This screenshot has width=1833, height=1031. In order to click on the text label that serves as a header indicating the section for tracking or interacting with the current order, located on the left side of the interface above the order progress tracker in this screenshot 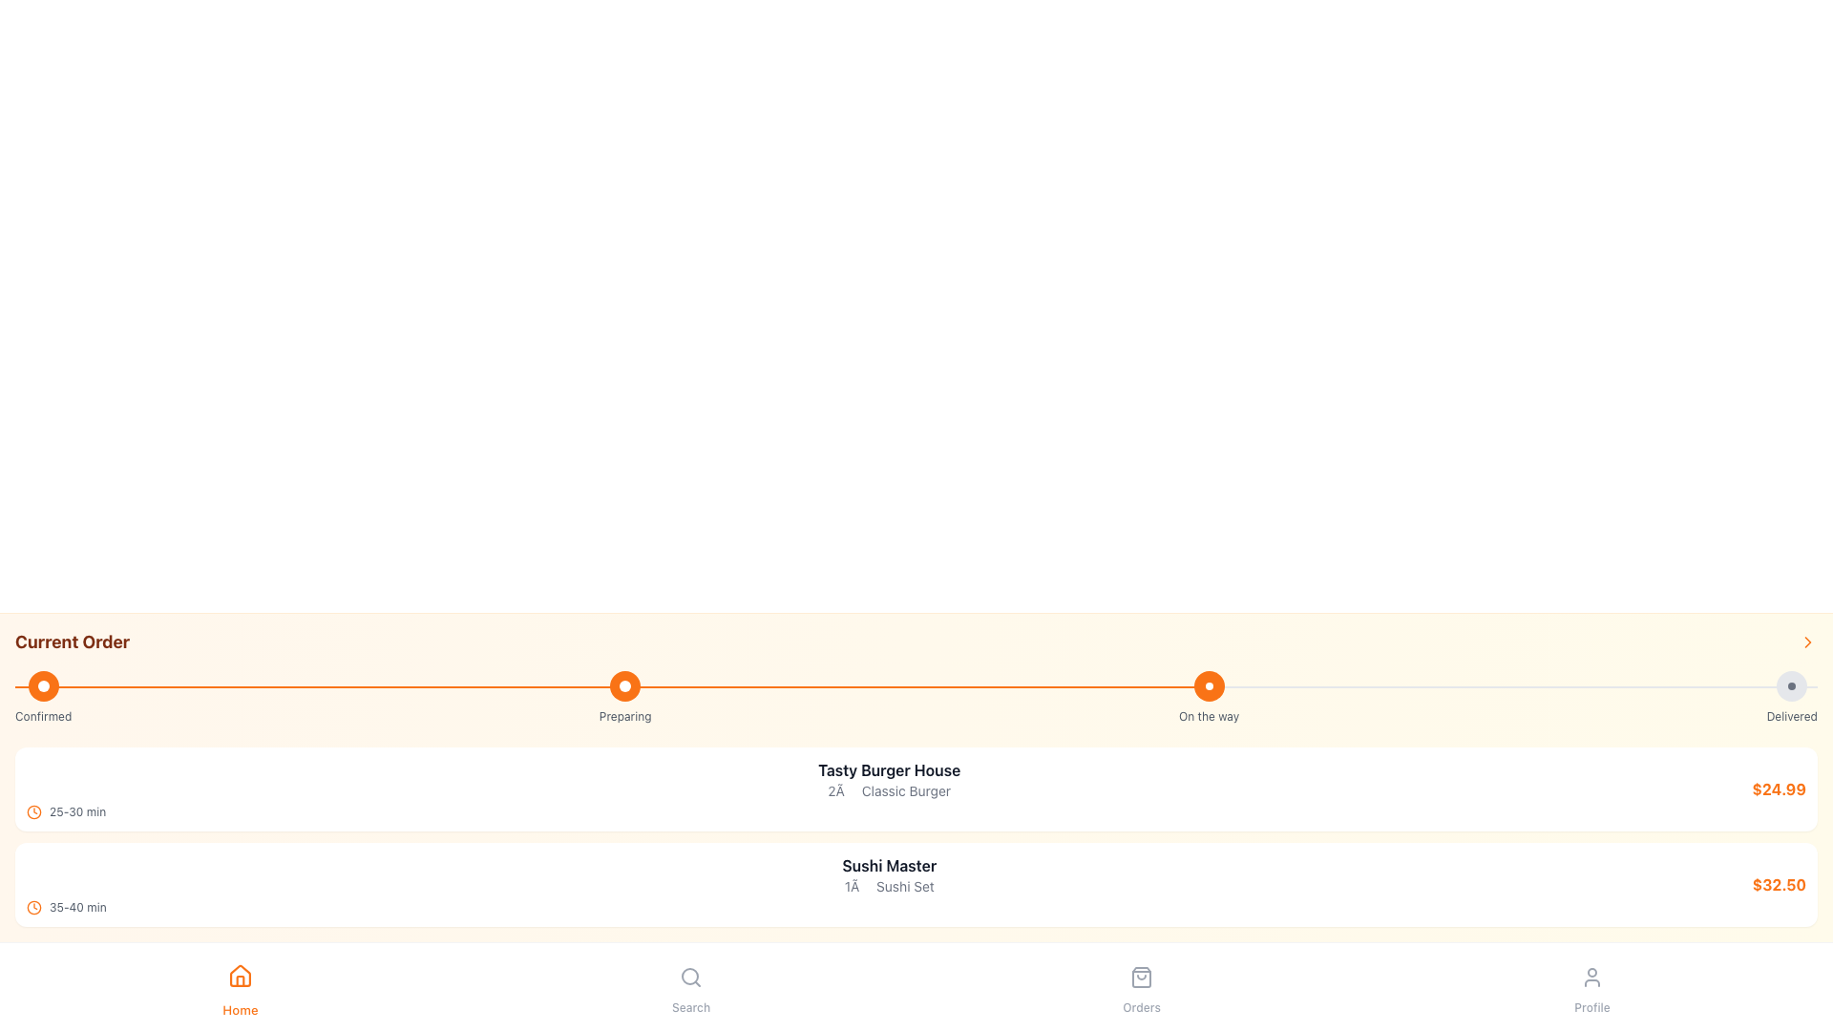, I will do `click(73, 642)`.